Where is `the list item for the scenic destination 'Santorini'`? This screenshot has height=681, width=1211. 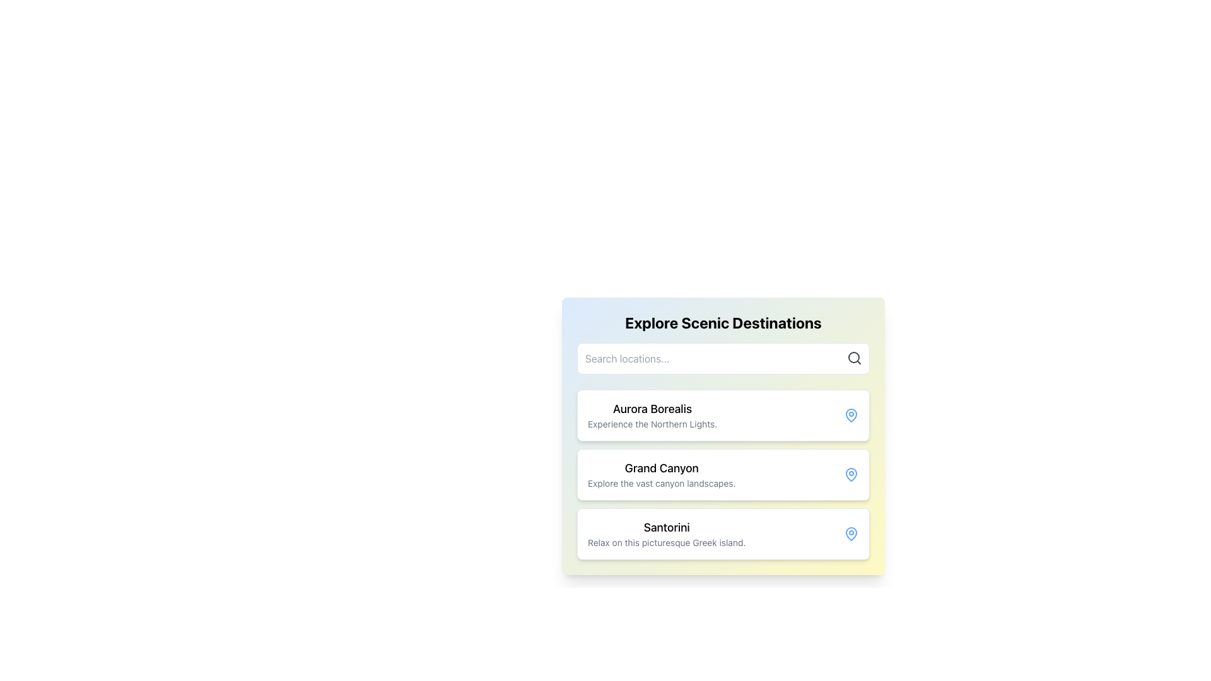 the list item for the scenic destination 'Santorini' is located at coordinates (666, 534).